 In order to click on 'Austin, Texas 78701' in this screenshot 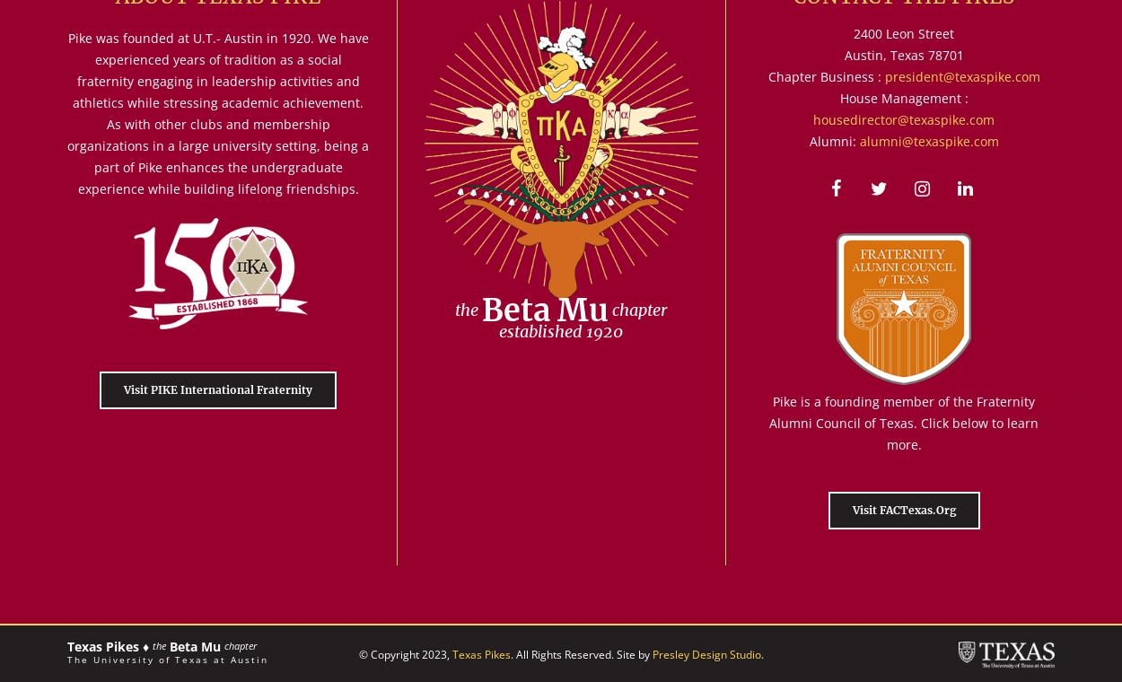, I will do `click(843, 54)`.